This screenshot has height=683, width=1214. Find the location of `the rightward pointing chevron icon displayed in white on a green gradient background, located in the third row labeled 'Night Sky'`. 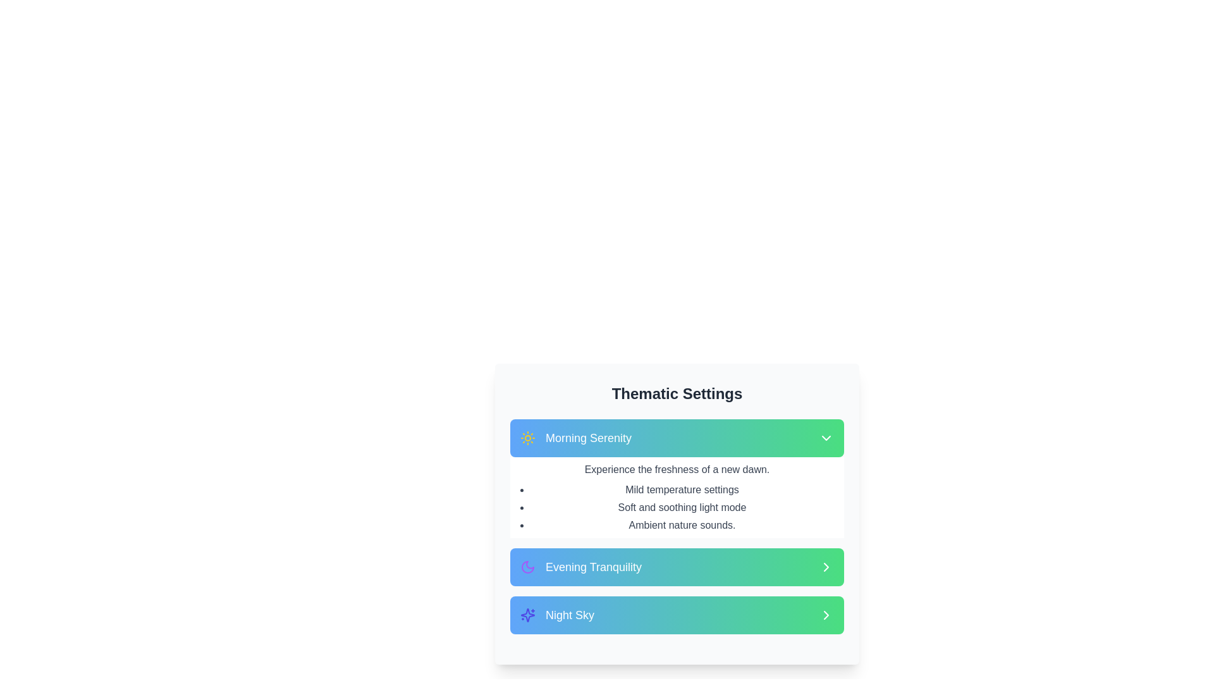

the rightward pointing chevron icon displayed in white on a green gradient background, located in the third row labeled 'Night Sky' is located at coordinates (826, 614).